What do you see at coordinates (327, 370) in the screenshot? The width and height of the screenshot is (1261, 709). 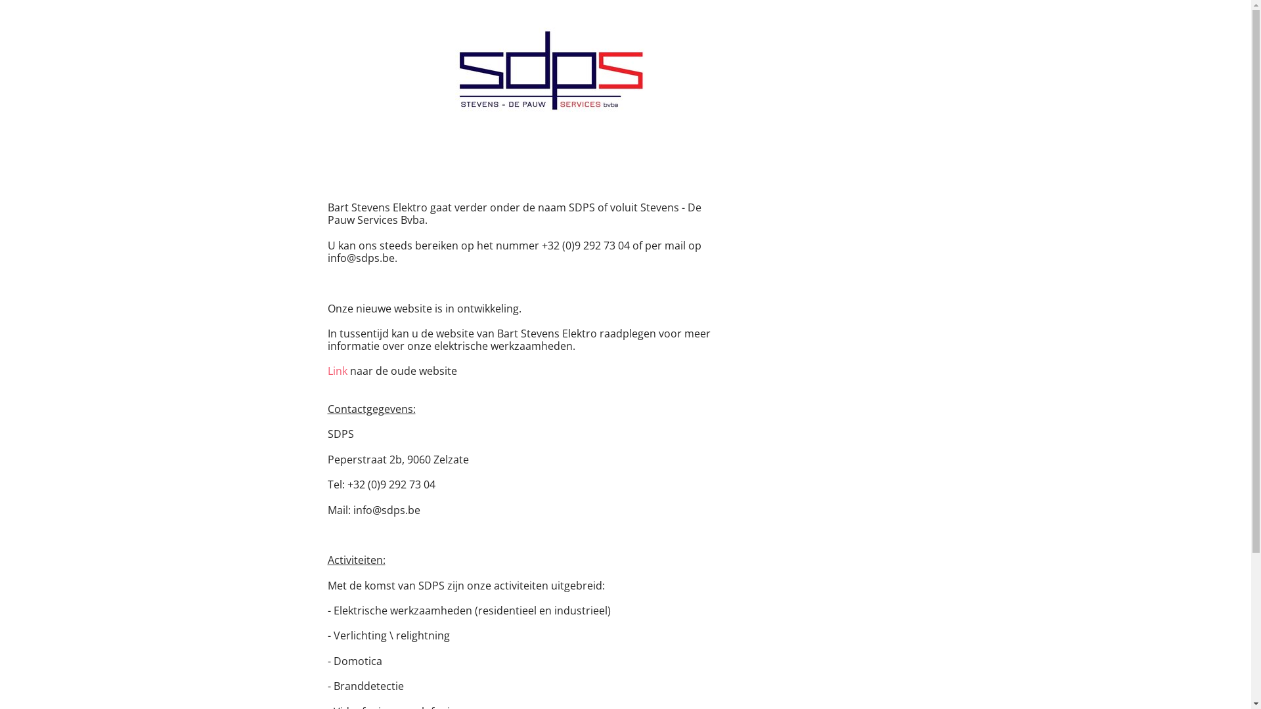 I see `'Link'` at bounding box center [327, 370].